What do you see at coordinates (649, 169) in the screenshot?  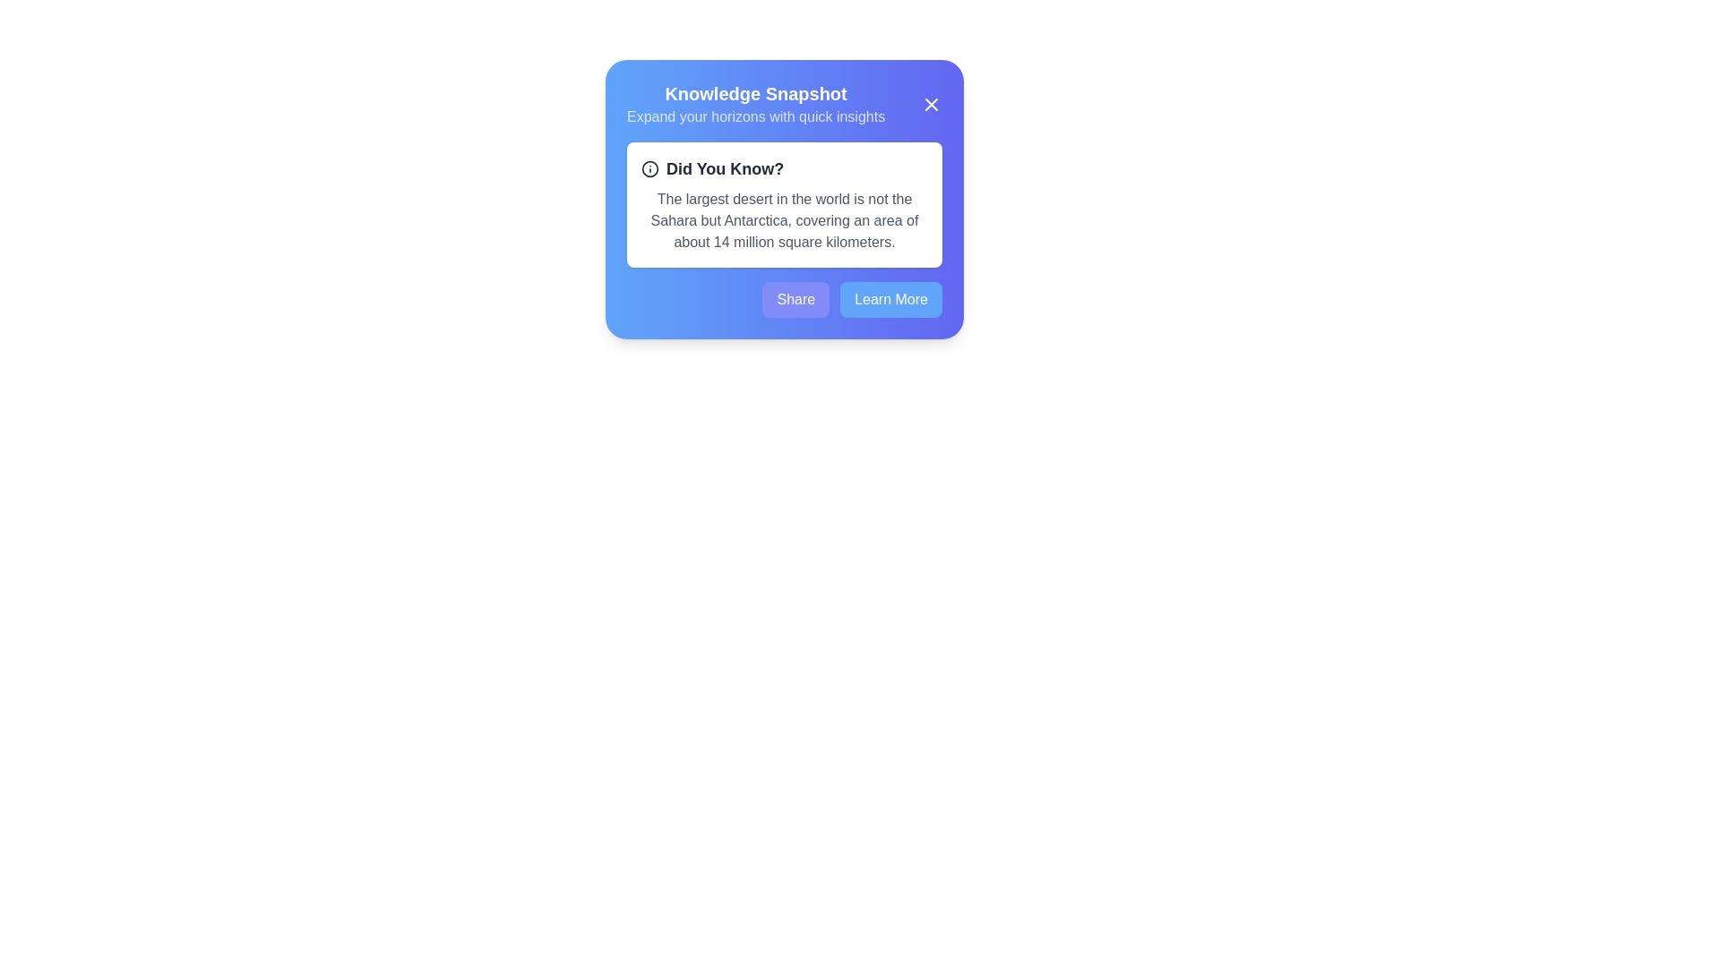 I see `the circular icon with an information symbol, located to the left of the 'Did You Know?' text in the 'Knowledge Snapshot' panel` at bounding box center [649, 169].